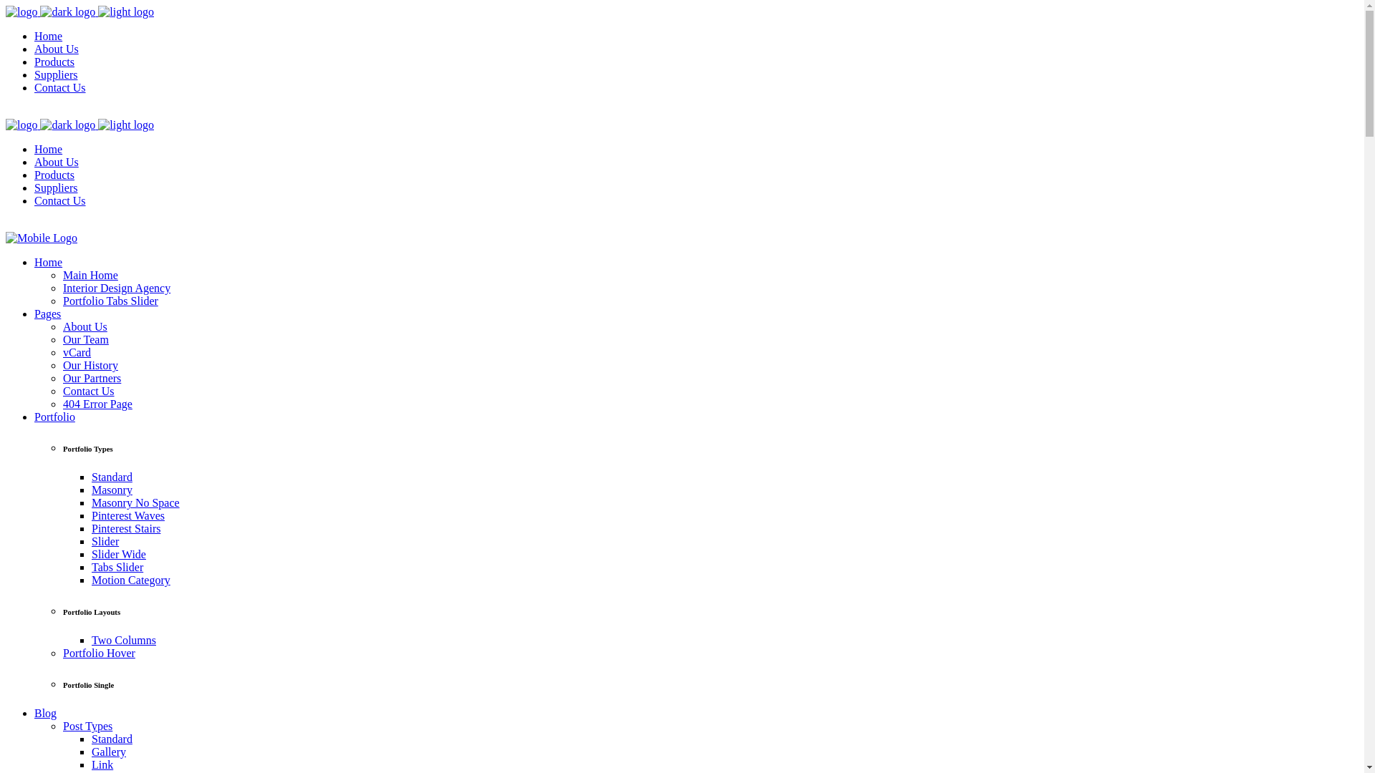 The image size is (1375, 773). Describe the element at coordinates (98, 653) in the screenshot. I see `'Portfolio Hover'` at that location.